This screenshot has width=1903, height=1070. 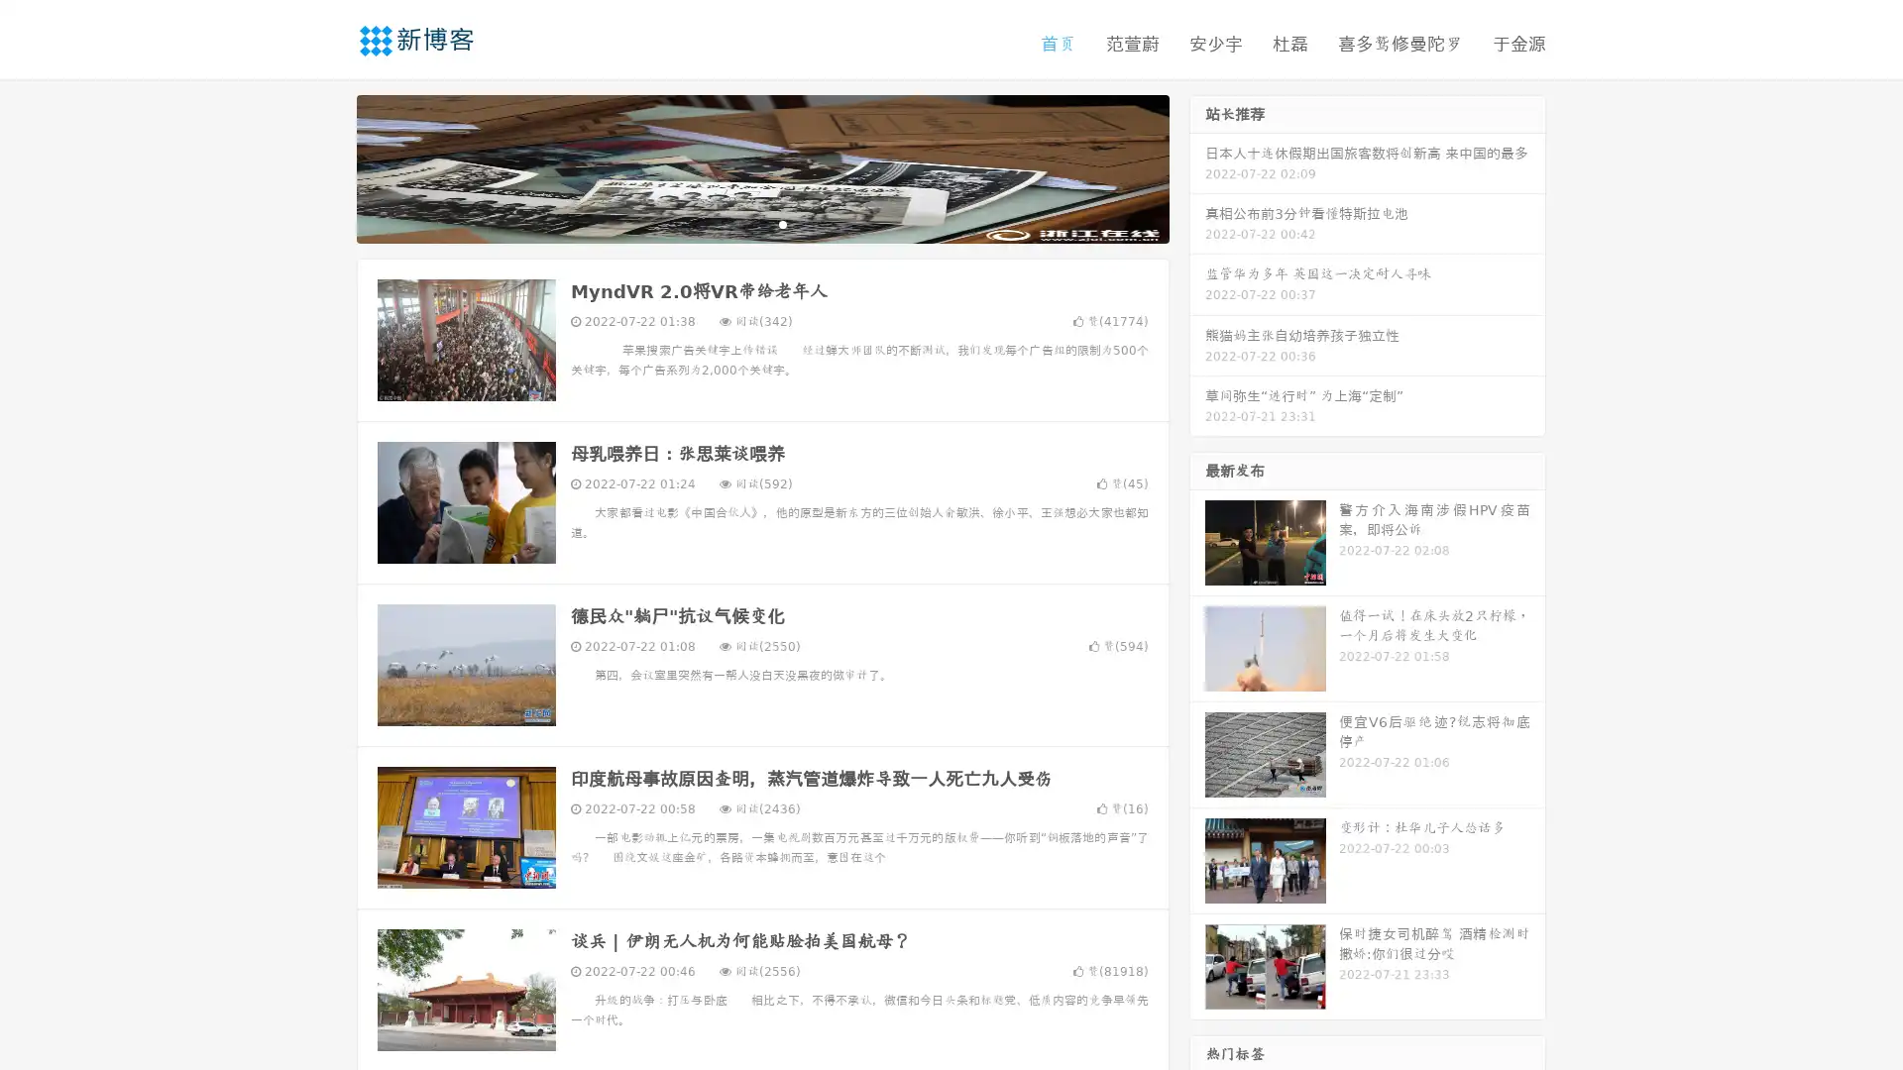 I want to click on Next slide, so click(x=1197, y=166).